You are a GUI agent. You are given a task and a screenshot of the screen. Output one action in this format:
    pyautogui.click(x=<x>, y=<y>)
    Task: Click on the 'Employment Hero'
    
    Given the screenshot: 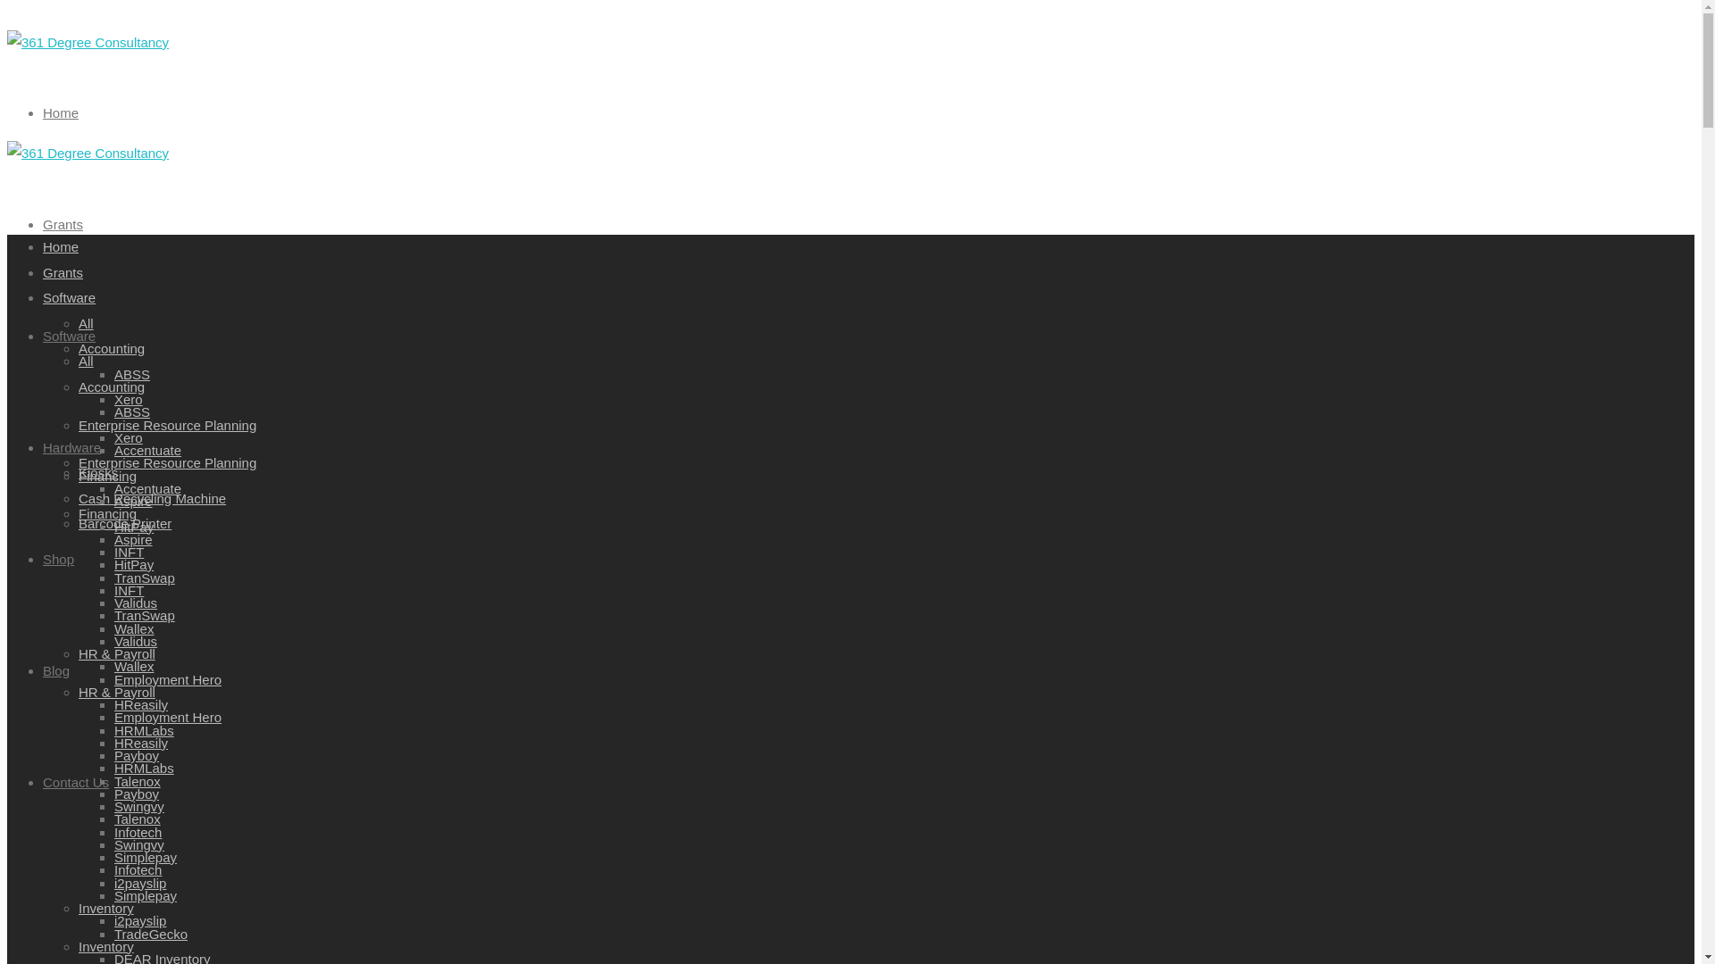 What is the action you would take?
    pyautogui.click(x=167, y=716)
    